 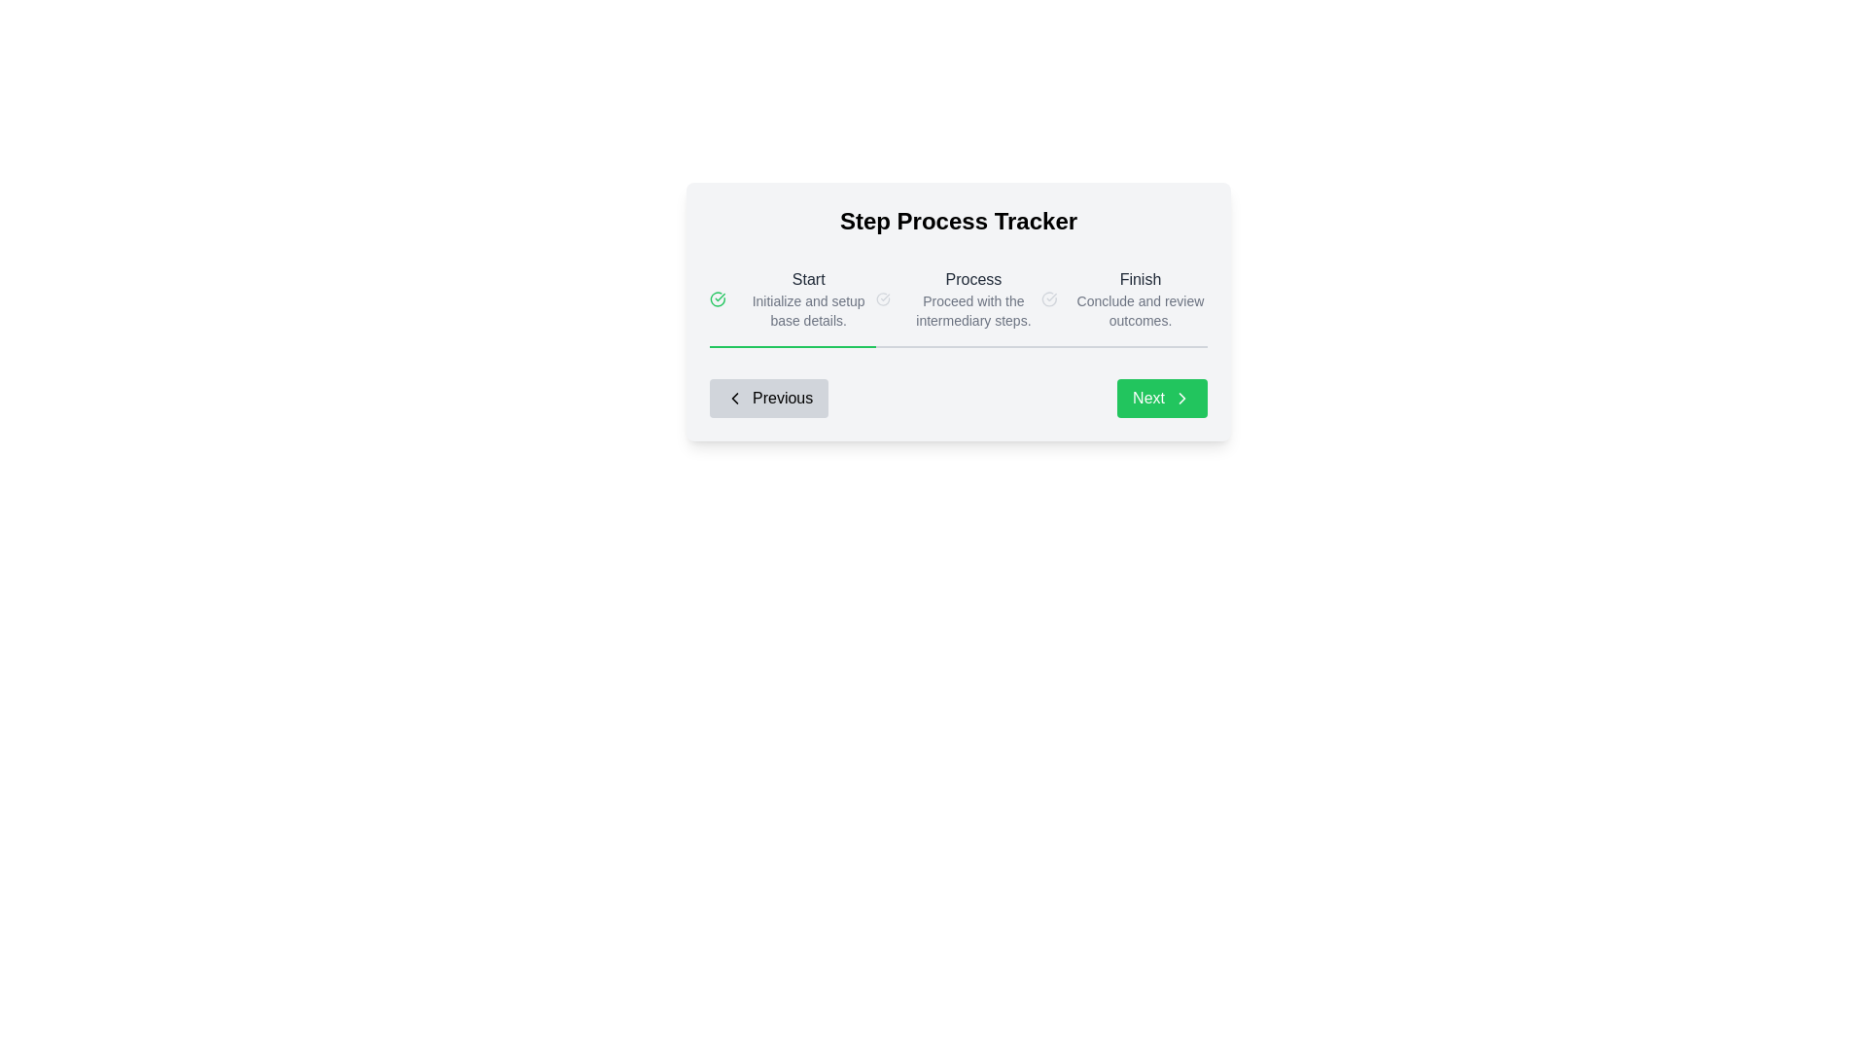 What do you see at coordinates (808, 299) in the screenshot?
I see `the first step indicator in the process tracker, which is located at the top center of the page and is left-aligned with the other steps` at bounding box center [808, 299].